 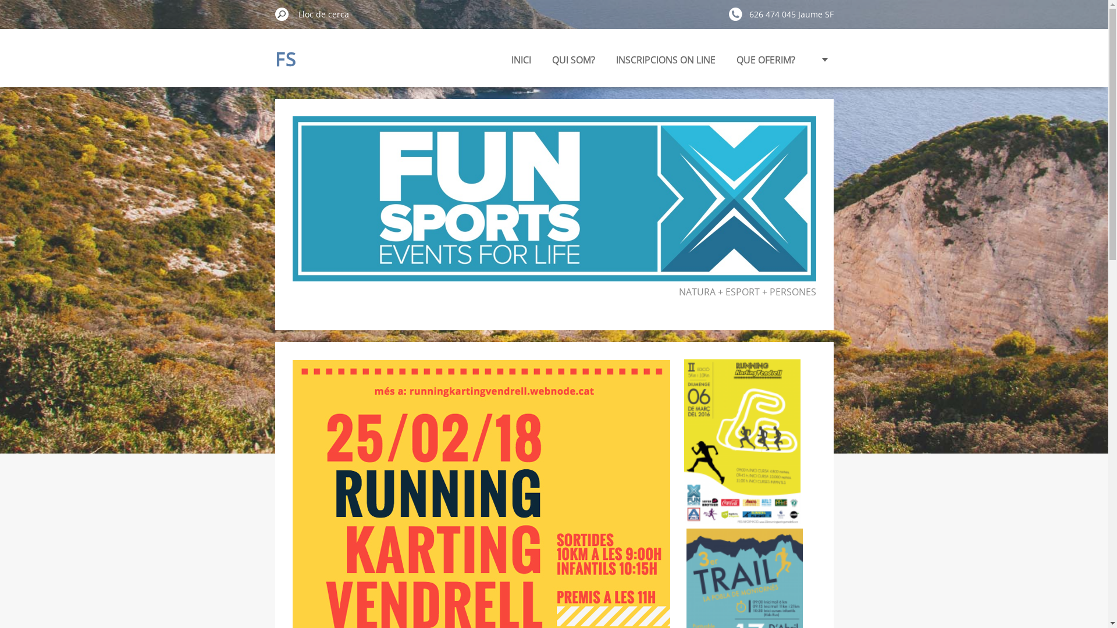 What do you see at coordinates (520, 58) in the screenshot?
I see `'INICI'` at bounding box center [520, 58].